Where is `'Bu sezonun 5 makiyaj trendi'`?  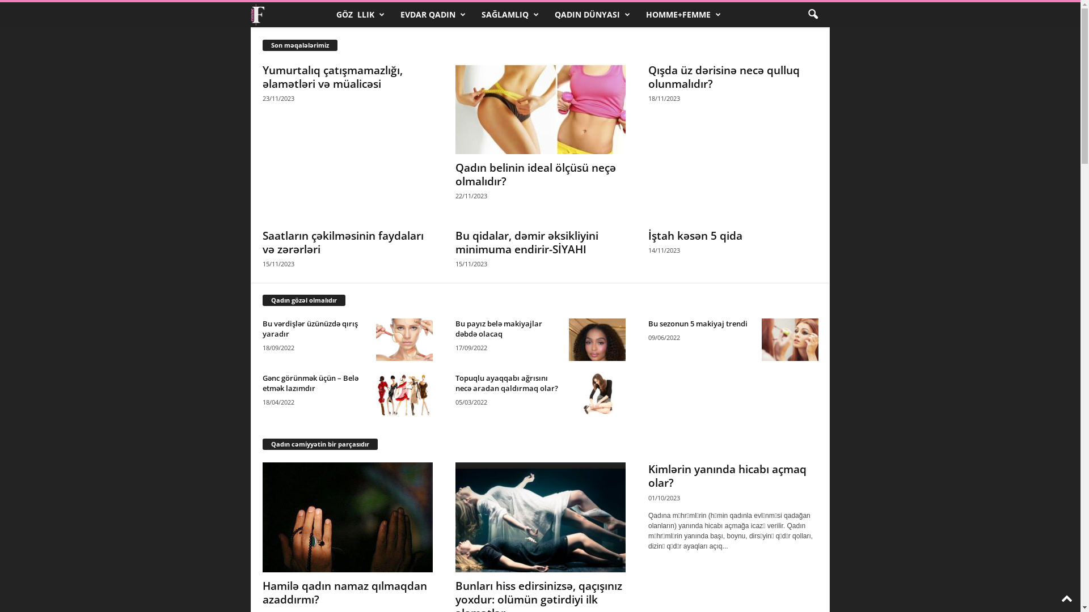 'Bu sezonun 5 makiyaj trendi' is located at coordinates (697, 323).